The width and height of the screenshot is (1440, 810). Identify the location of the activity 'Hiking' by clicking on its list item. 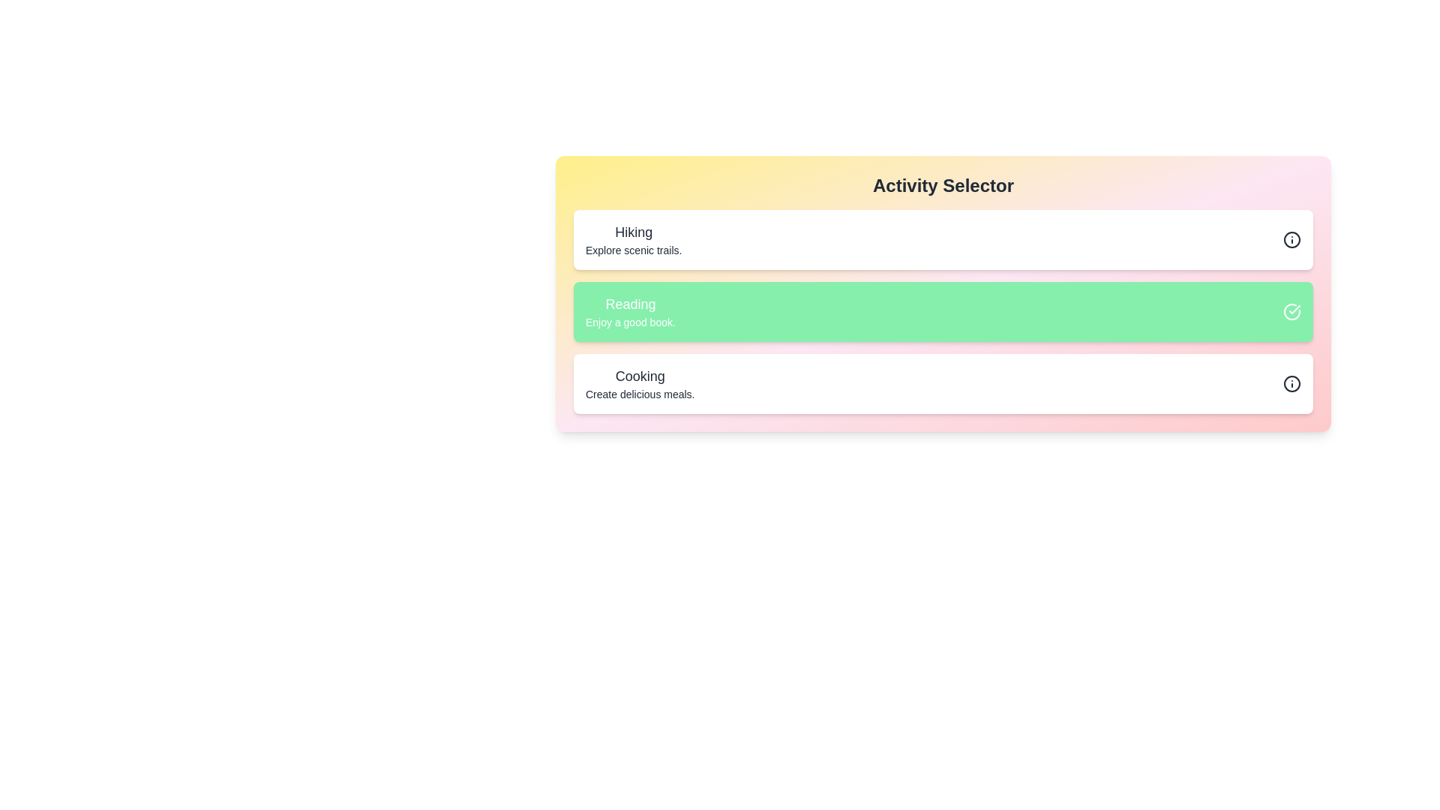
(633, 239).